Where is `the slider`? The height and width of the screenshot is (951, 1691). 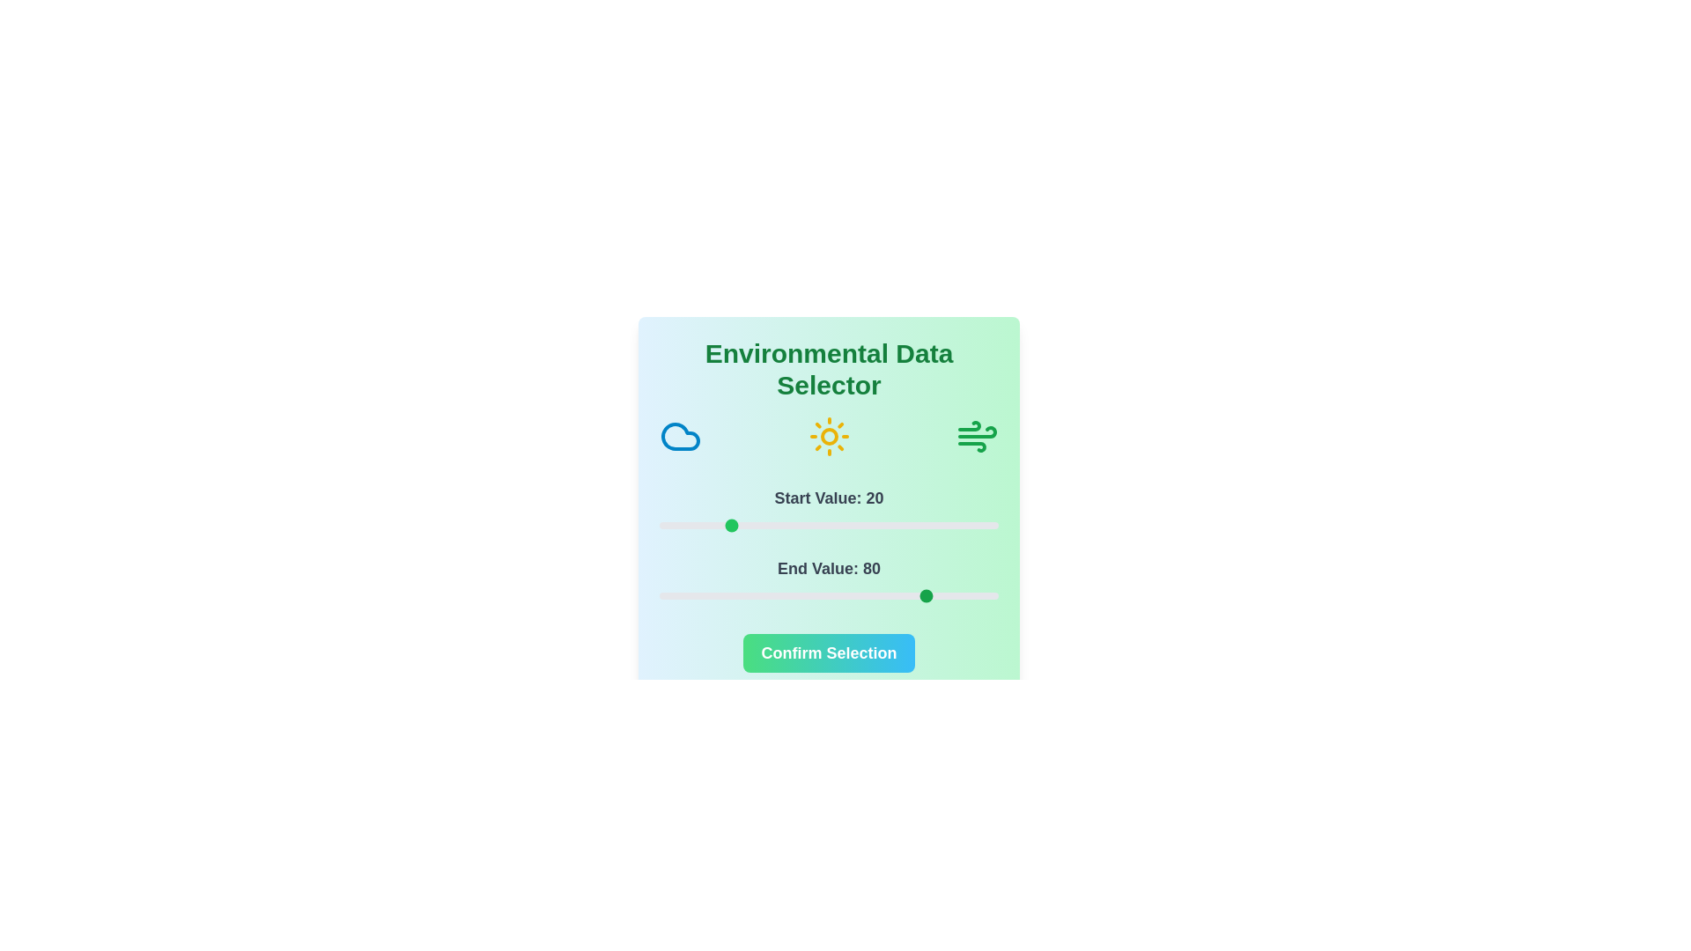 the slider is located at coordinates (692, 525).